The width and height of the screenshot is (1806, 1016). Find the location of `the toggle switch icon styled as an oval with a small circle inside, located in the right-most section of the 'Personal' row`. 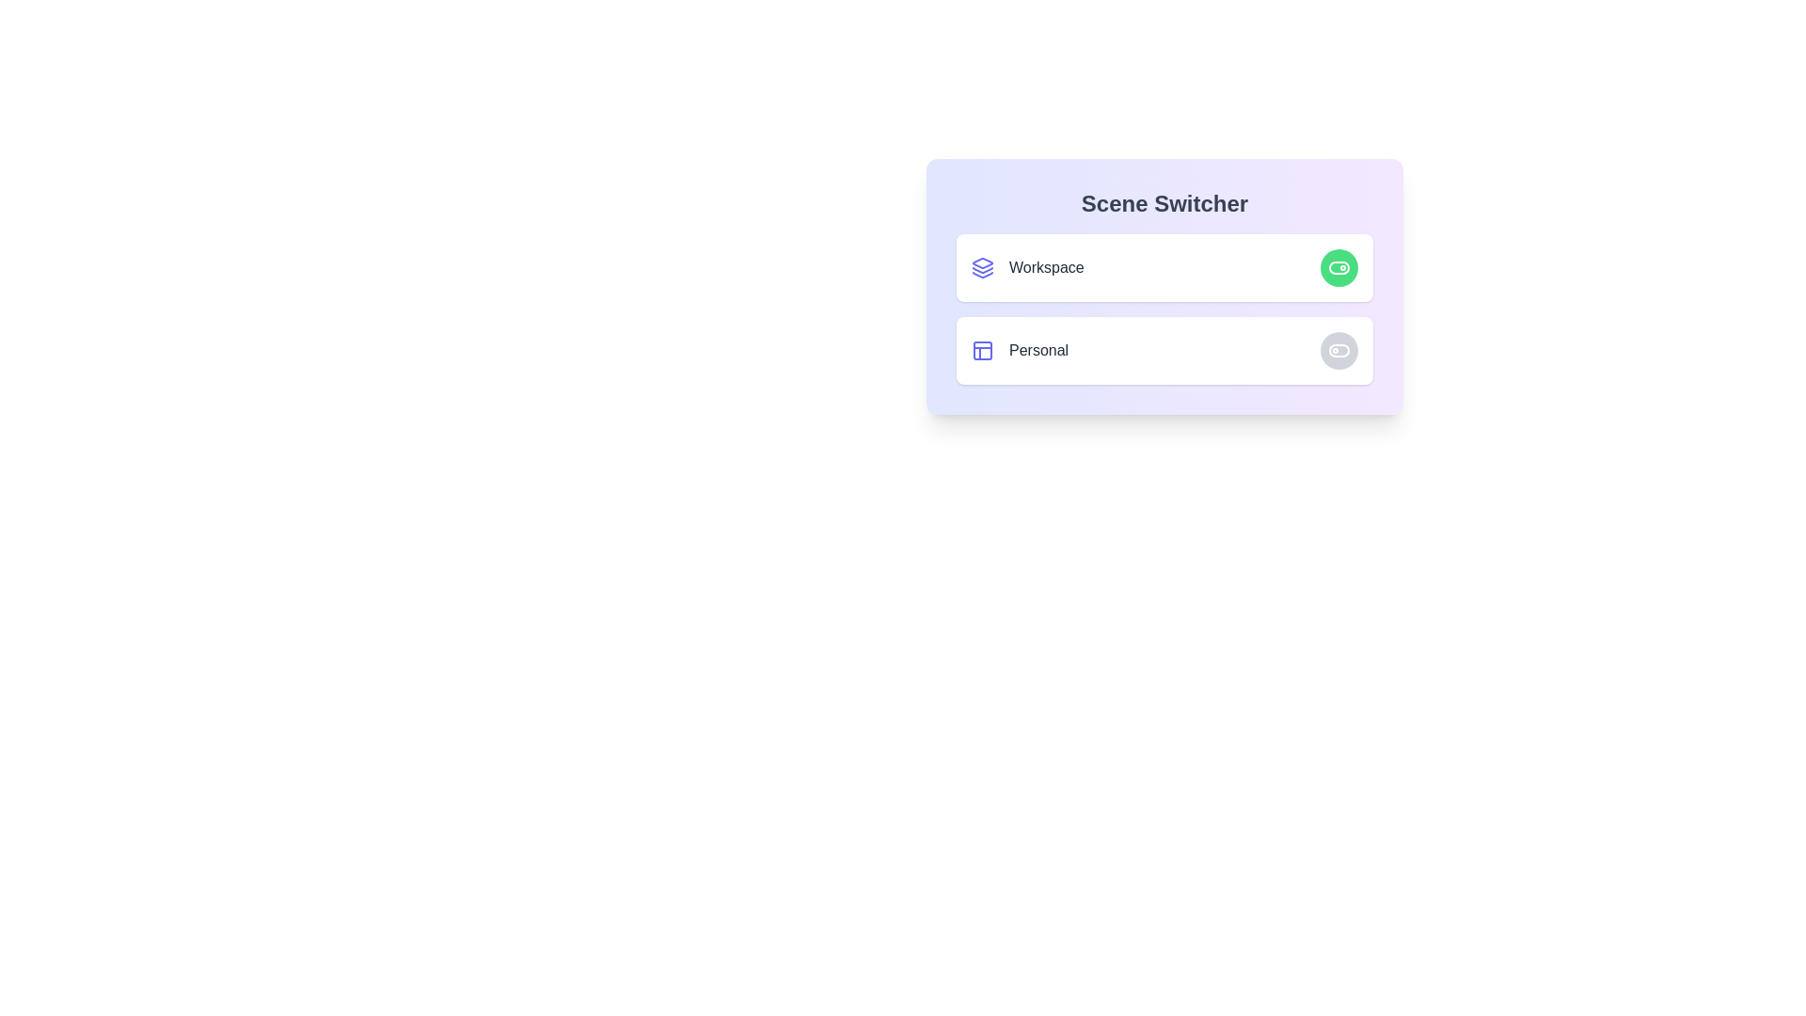

the toggle switch icon styled as an oval with a small circle inside, located in the right-most section of the 'Personal' row is located at coordinates (1339, 351).